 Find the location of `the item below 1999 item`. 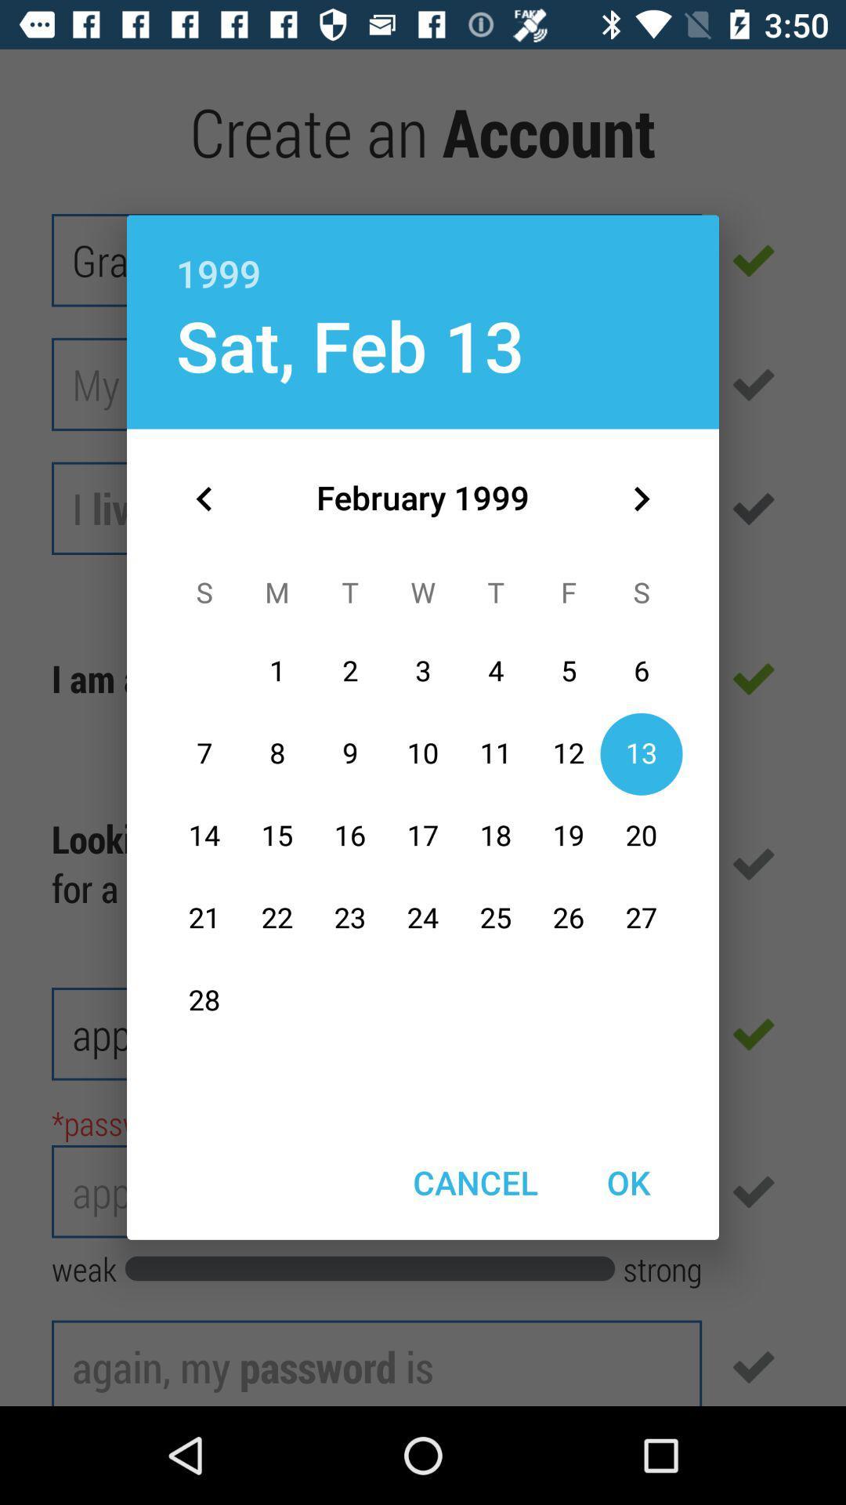

the item below 1999 item is located at coordinates (641, 498).